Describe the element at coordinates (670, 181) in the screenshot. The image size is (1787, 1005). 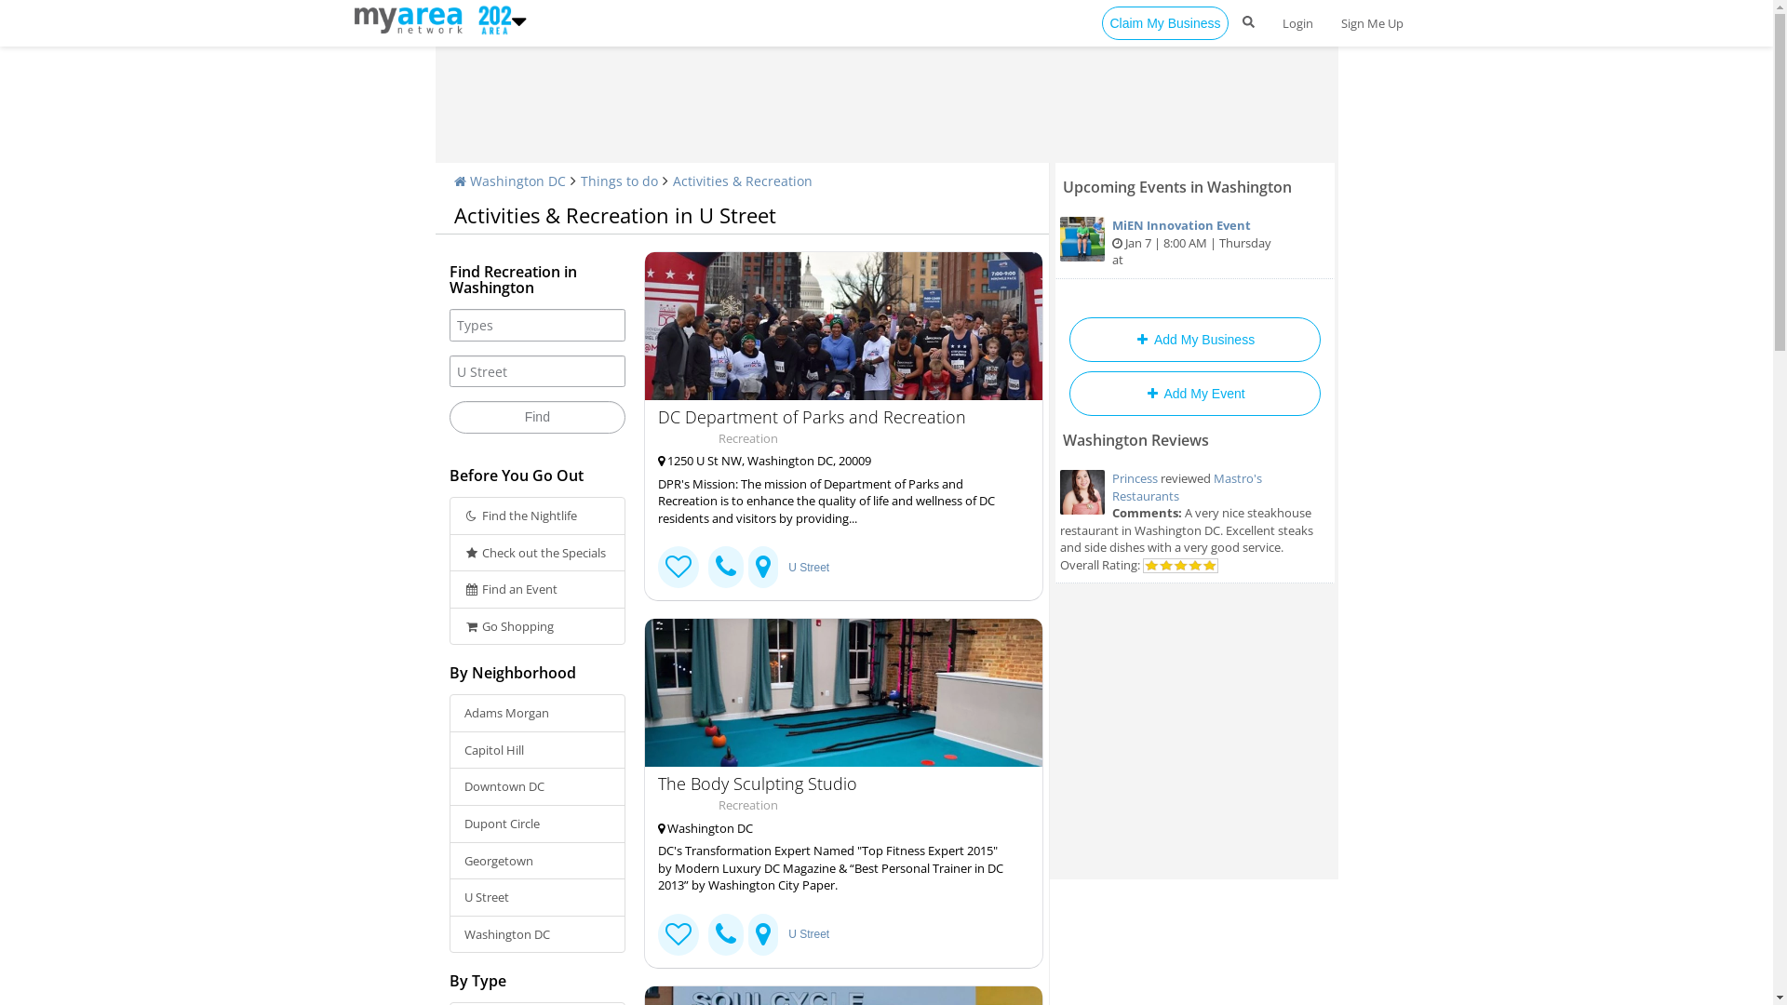
I see `'Activities & Recreation'` at that location.